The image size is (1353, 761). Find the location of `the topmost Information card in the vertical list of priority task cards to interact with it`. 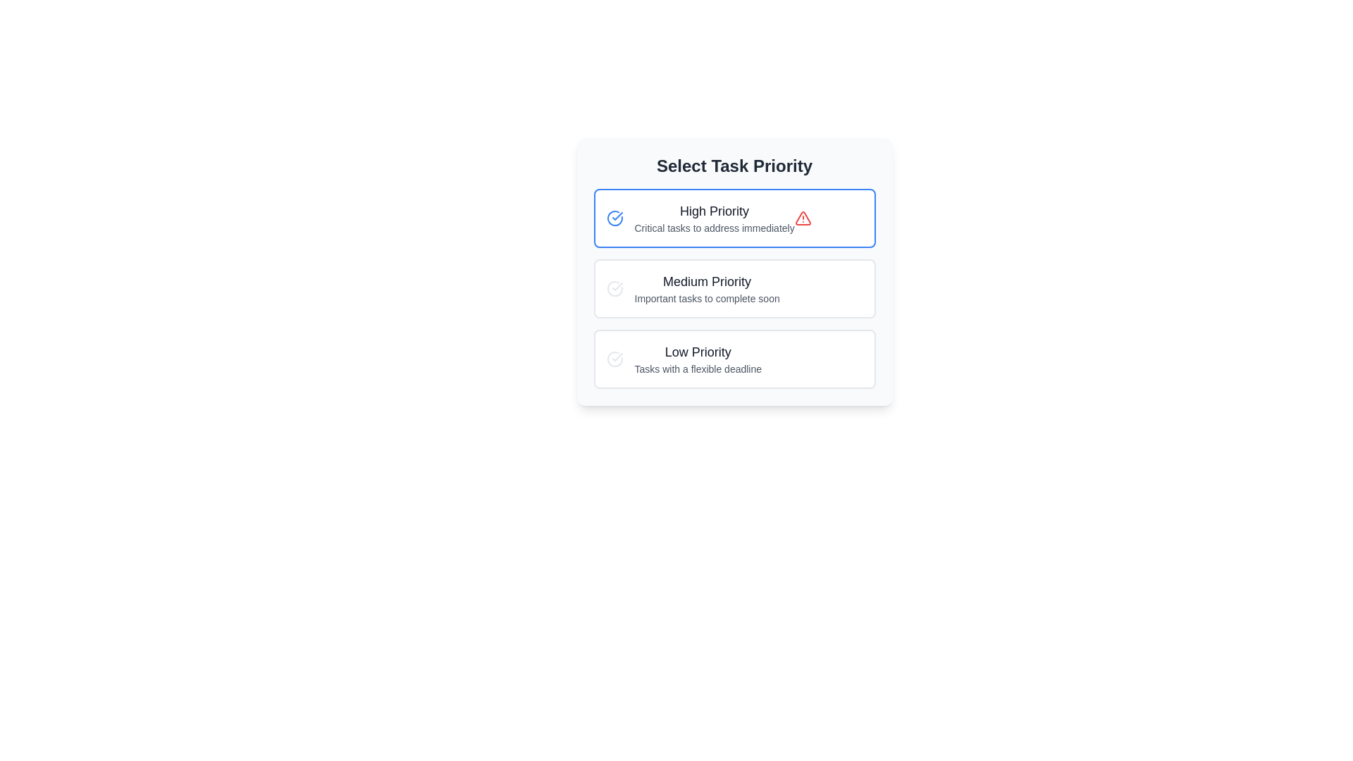

the topmost Information card in the vertical list of priority task cards to interact with it is located at coordinates (734, 218).